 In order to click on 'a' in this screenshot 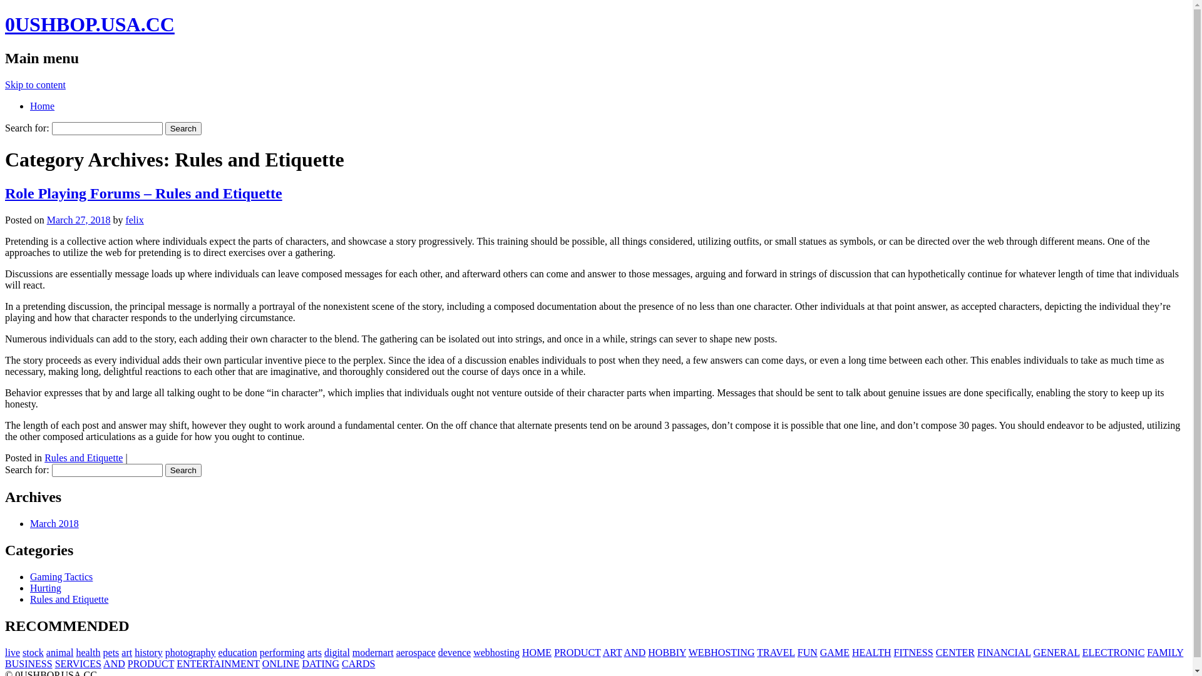, I will do `click(48, 652)`.